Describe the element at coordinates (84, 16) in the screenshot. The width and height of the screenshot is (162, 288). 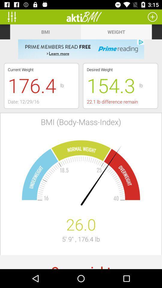
I see `icon above the bmi item` at that location.